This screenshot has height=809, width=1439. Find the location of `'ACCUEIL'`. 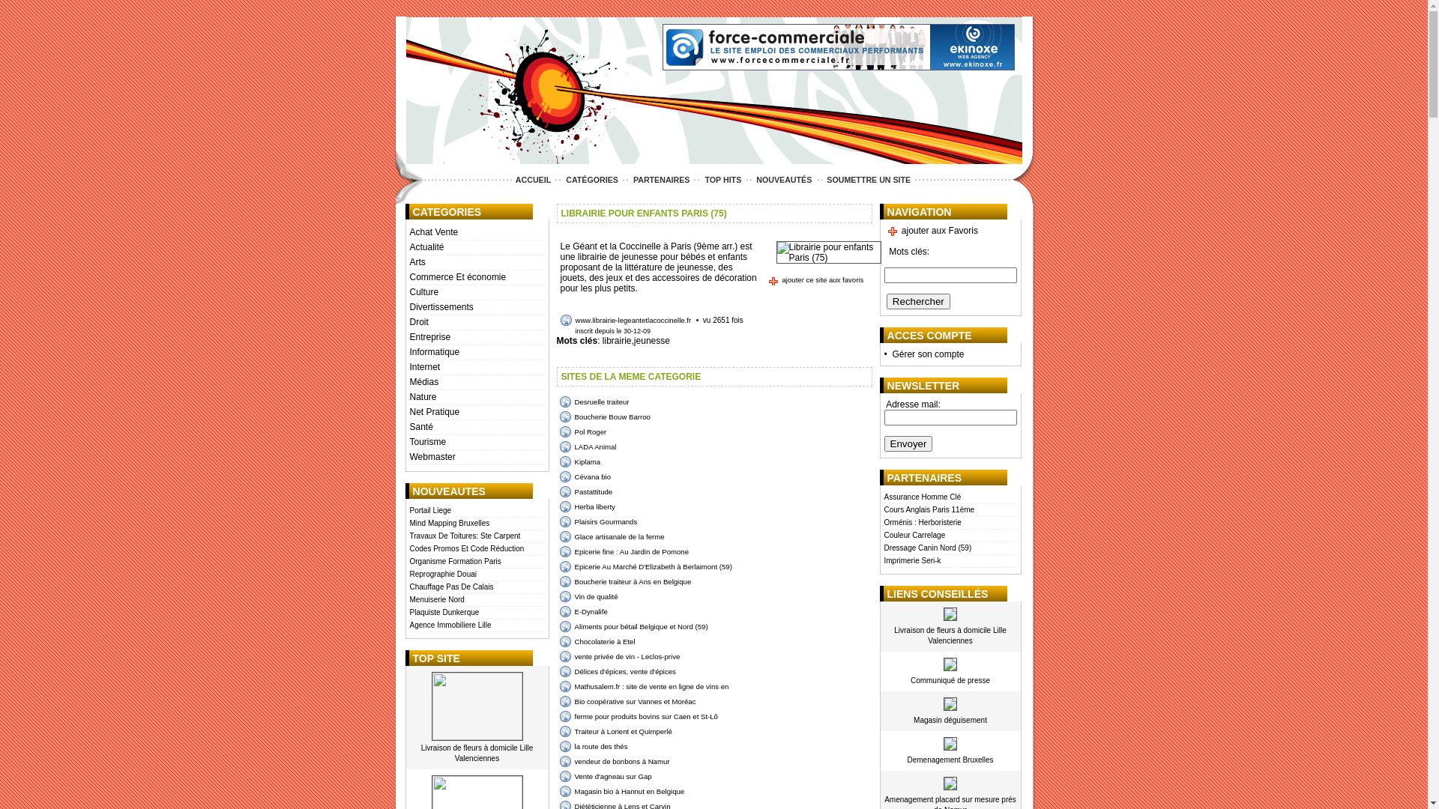

'ACCUEIL' is located at coordinates (511, 178).